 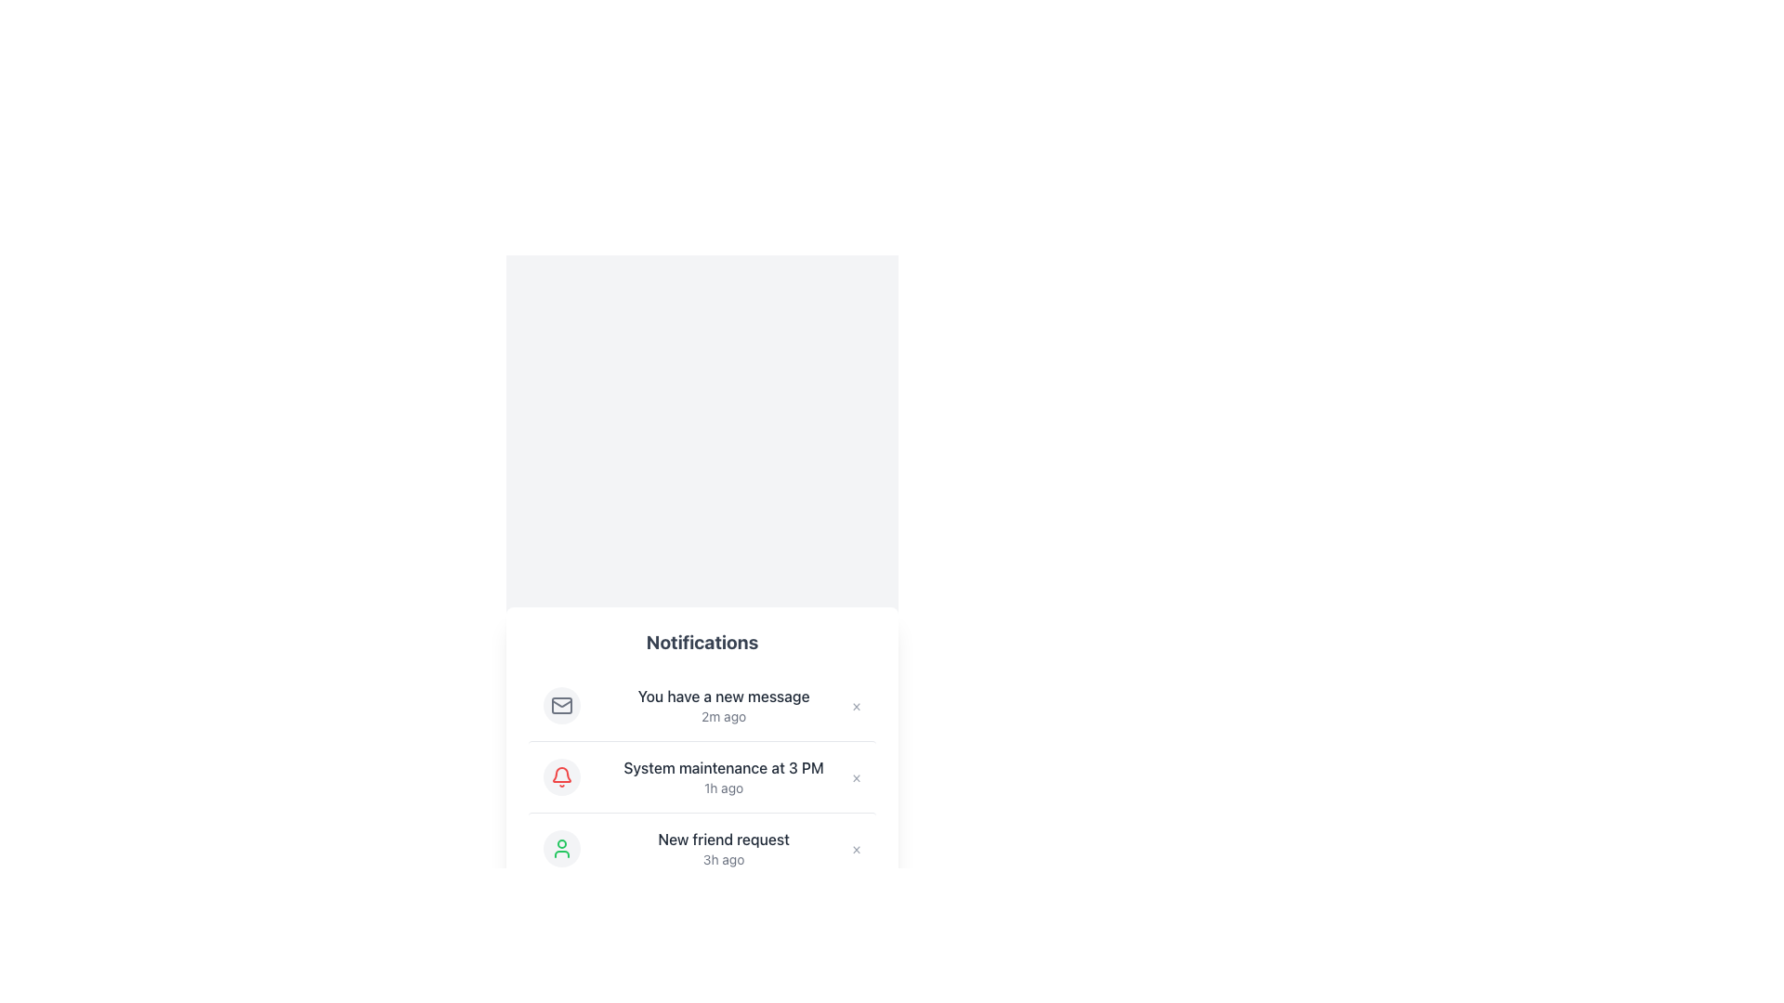 I want to click on the text label that provides relative time information about the associated notification, located directly underneath the 'System maintenance at 3 PM' text in the notifications block, so click(x=723, y=788).